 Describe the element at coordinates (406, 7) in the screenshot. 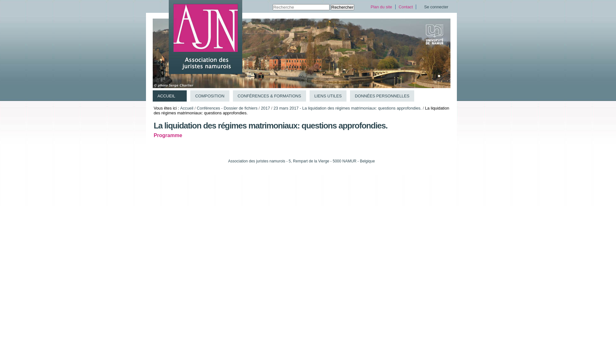

I see `'Contact'` at that location.